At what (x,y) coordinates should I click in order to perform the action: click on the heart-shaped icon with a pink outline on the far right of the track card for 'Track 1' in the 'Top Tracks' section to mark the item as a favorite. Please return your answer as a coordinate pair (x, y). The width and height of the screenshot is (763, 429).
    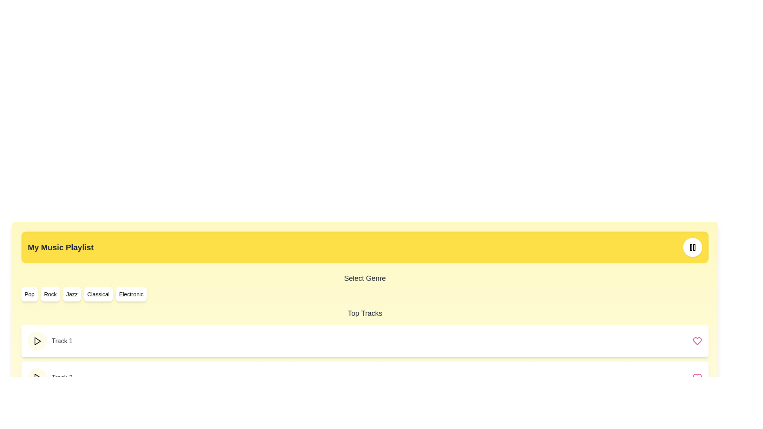
    Looking at the image, I should click on (697, 341).